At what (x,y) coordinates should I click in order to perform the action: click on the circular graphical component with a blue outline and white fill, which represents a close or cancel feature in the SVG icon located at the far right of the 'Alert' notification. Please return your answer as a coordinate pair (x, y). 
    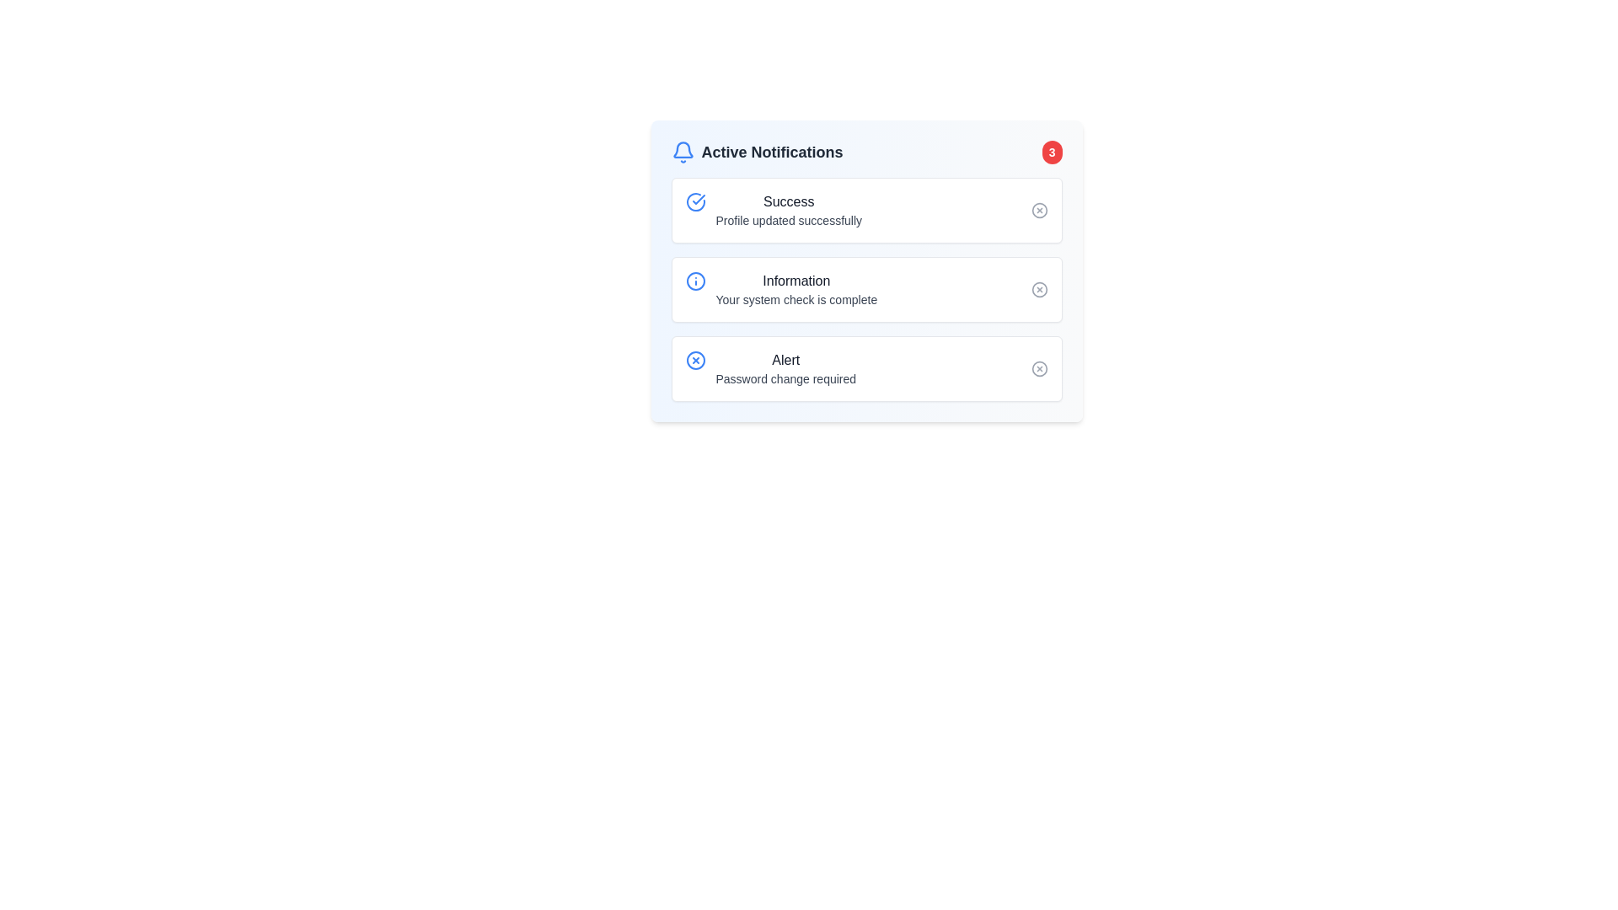
    Looking at the image, I should click on (695, 360).